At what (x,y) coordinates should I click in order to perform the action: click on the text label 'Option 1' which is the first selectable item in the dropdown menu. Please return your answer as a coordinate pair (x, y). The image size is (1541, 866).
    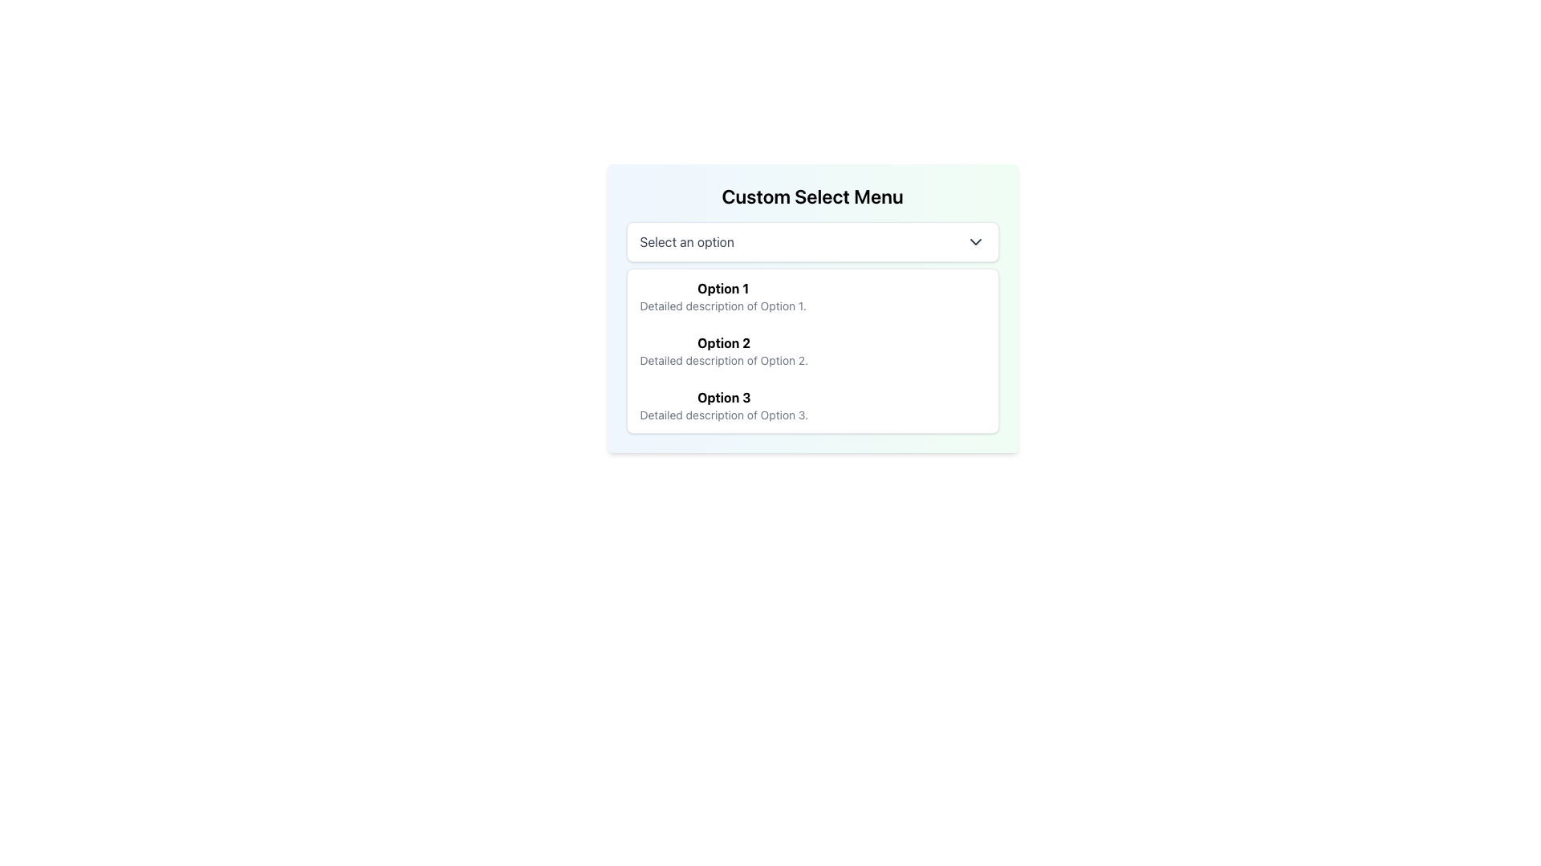
    Looking at the image, I should click on (722, 287).